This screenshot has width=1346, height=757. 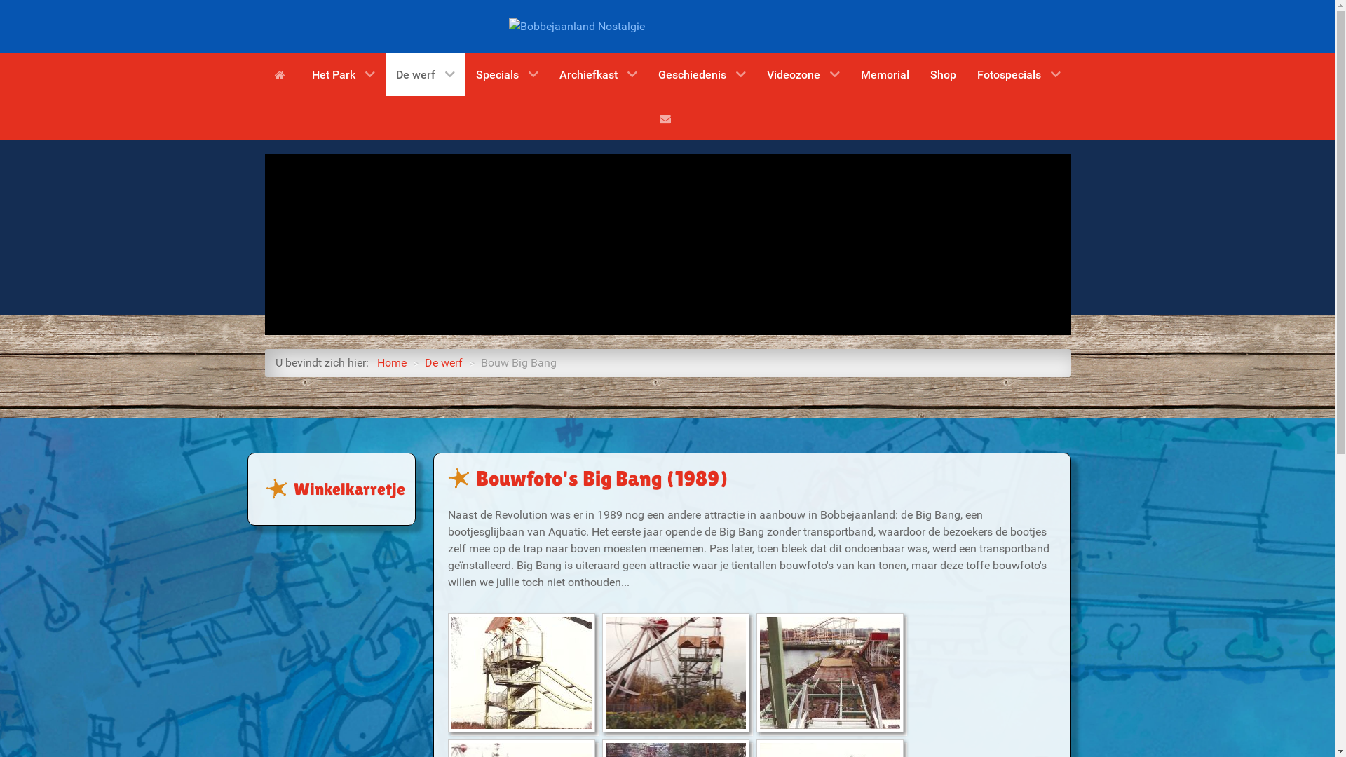 I want to click on 'Home', so click(x=282, y=74).